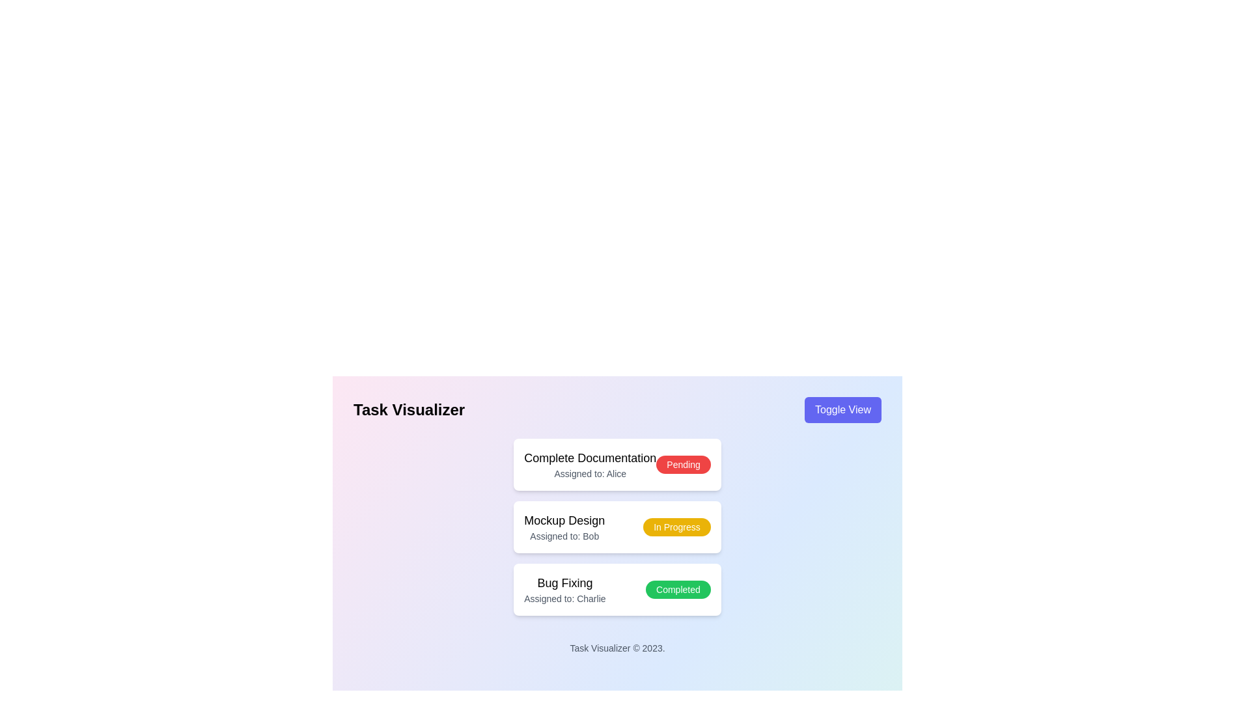 Image resolution: width=1250 pixels, height=703 pixels. Describe the element at coordinates (617, 525) in the screenshot. I see `a status badge within the Card List UI component to filter similar tasks` at that location.